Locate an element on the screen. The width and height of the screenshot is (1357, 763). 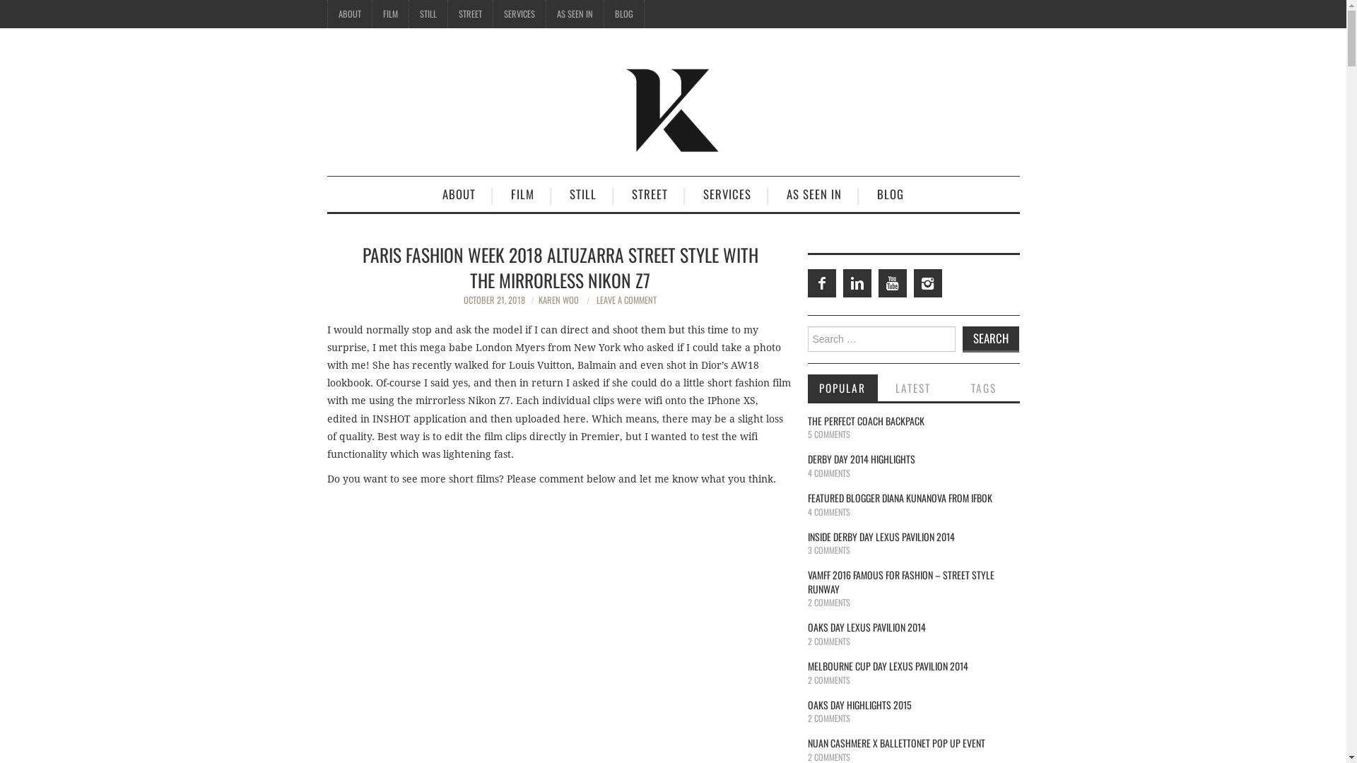
'STILL' is located at coordinates (583, 194).